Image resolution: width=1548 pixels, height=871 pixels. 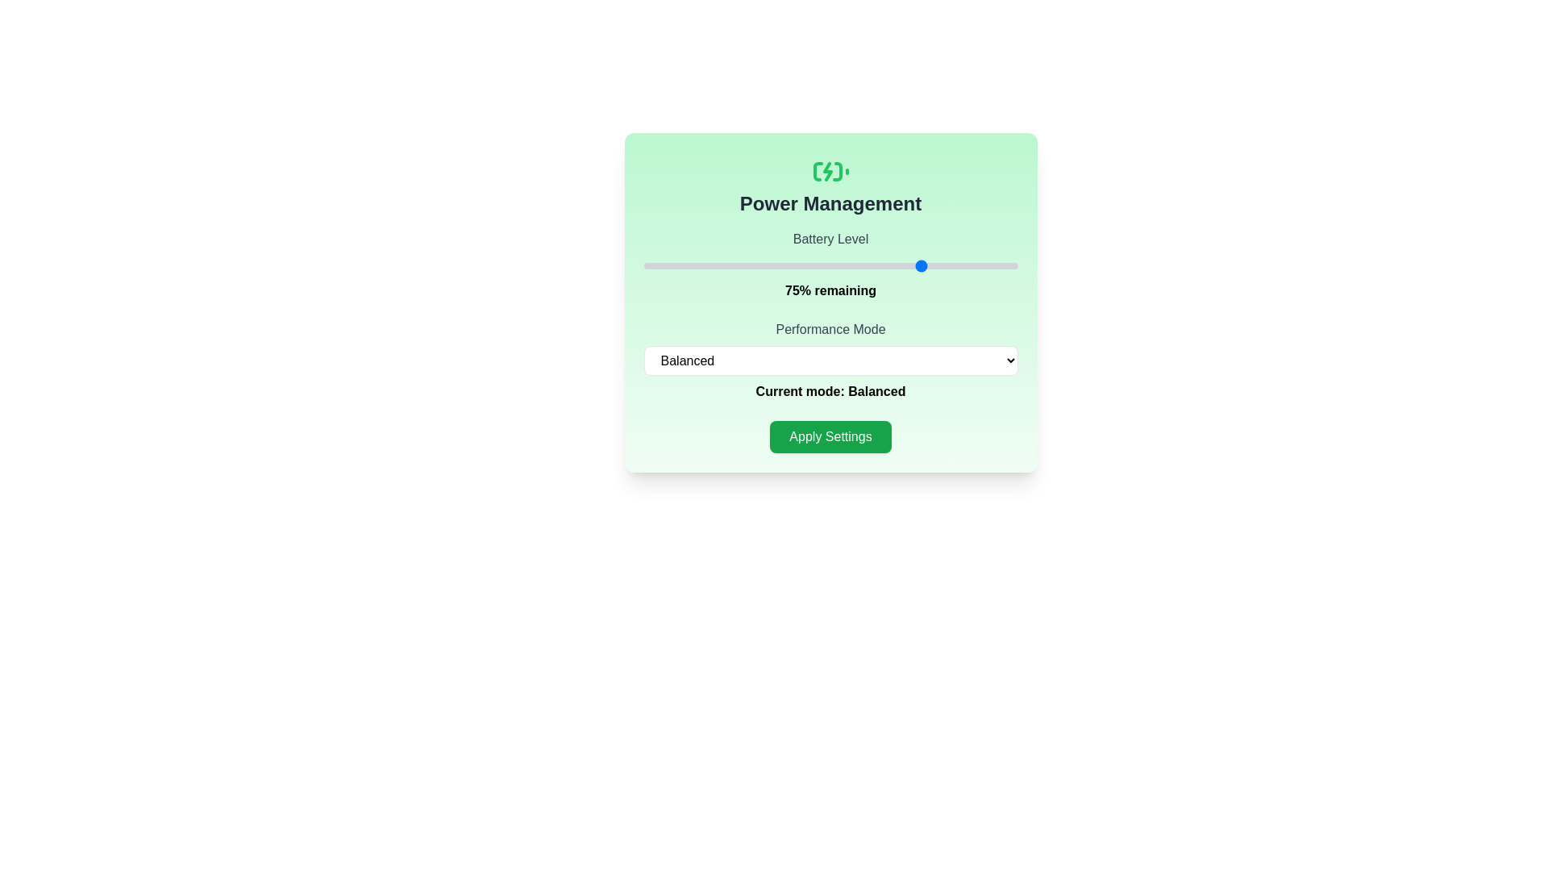 I want to click on the performance mode Power Save from the dropdown menu, so click(x=830, y=360).